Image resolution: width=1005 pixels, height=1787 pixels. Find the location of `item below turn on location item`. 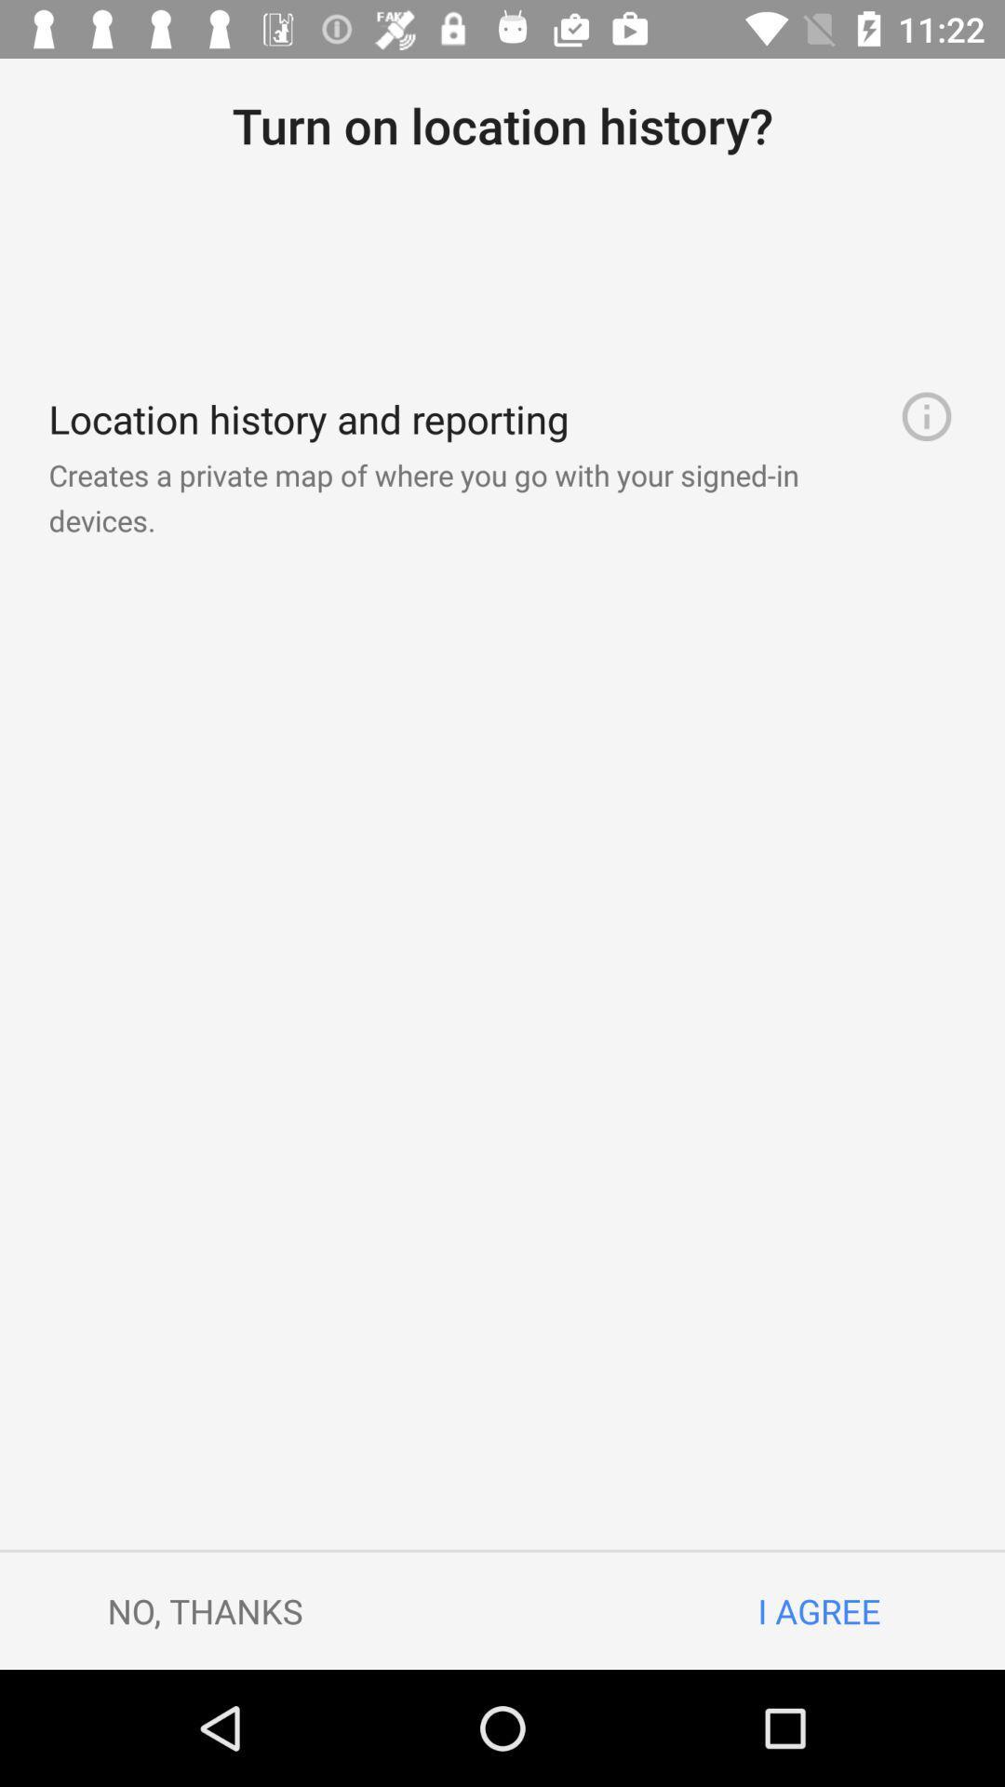

item below turn on location item is located at coordinates (926, 415).